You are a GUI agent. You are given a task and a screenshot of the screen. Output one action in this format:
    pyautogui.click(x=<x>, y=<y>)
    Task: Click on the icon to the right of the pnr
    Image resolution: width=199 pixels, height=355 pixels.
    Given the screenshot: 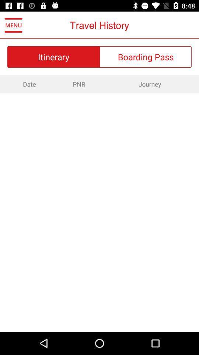 What is the action you would take?
    pyautogui.click(x=149, y=84)
    